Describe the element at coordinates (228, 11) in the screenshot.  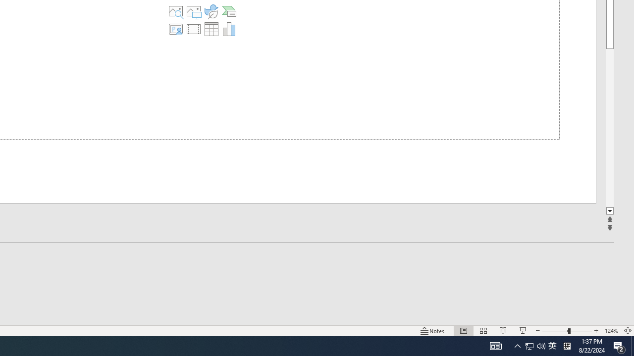
I see `'Insert a SmartArt Graphic'` at that location.